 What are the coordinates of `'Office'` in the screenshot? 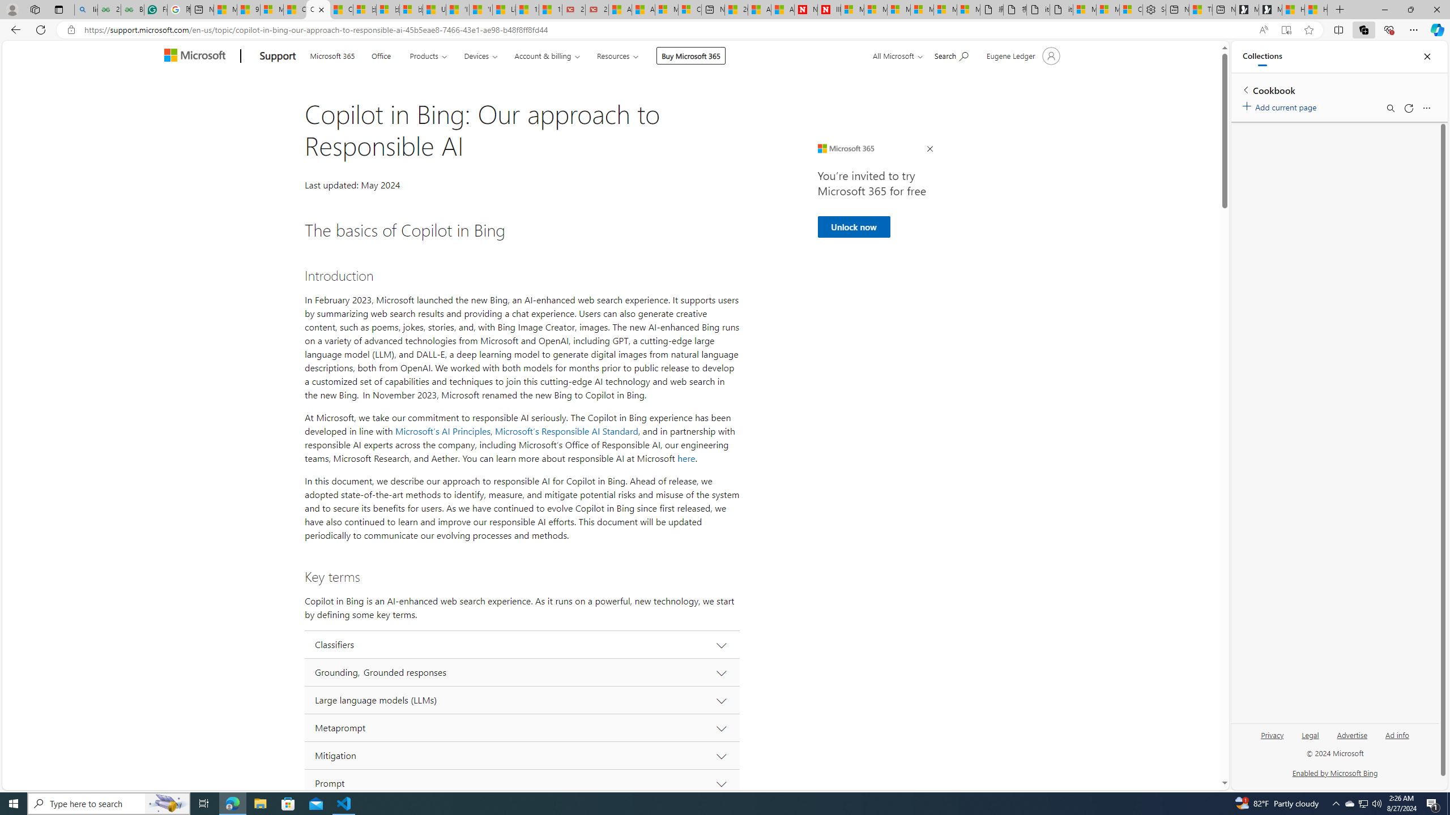 It's located at (381, 54).